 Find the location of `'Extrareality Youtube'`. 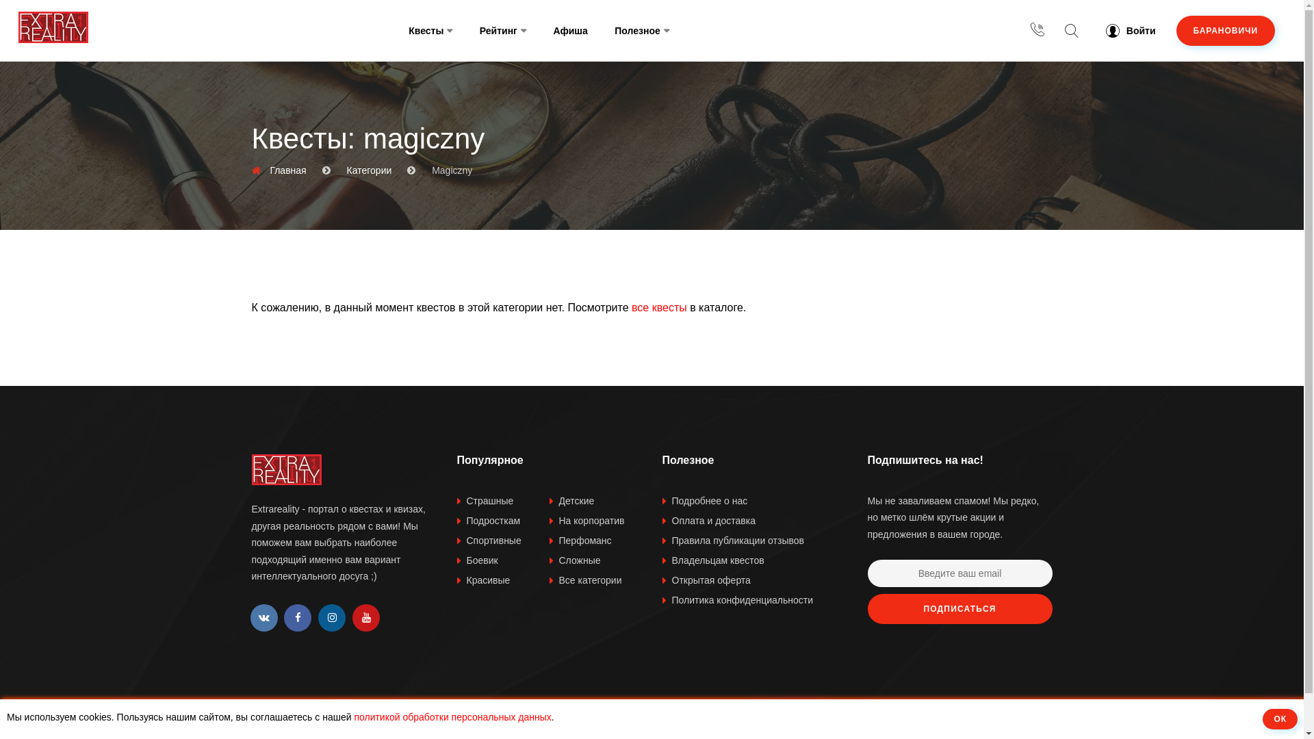

'Extrareality Youtube' is located at coordinates (352, 617).